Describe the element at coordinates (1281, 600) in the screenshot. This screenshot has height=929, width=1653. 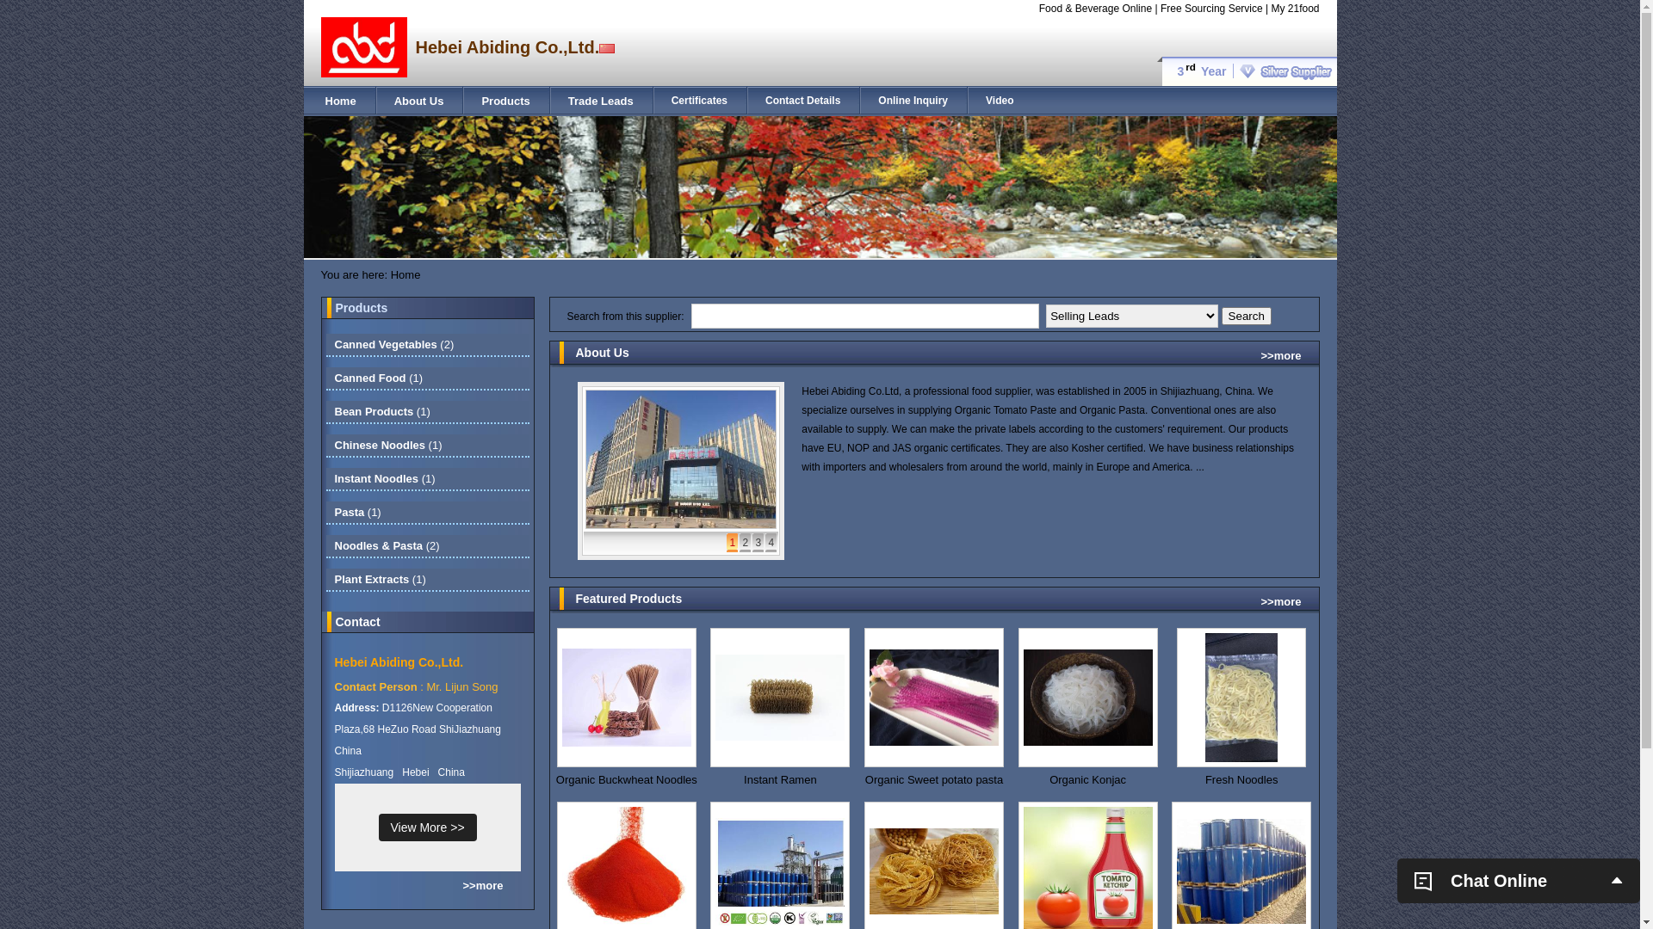
I see `'>>more'` at that location.